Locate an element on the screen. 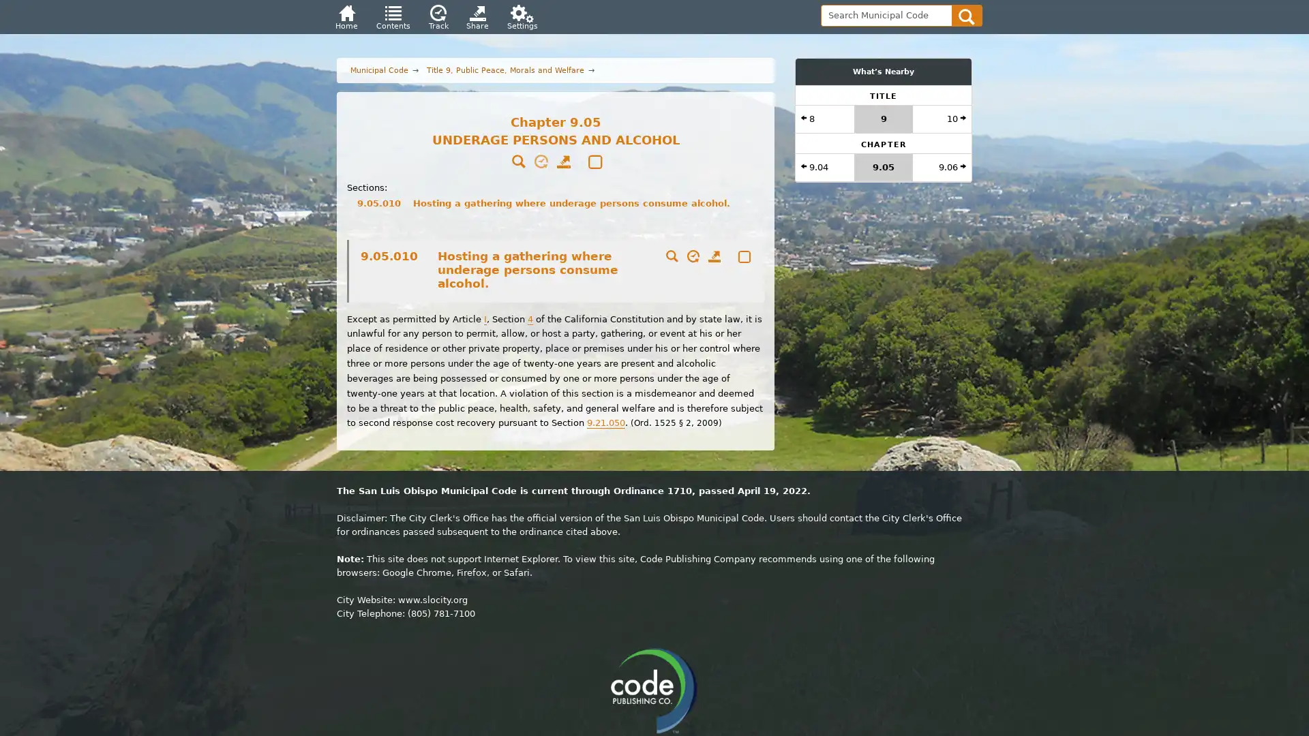  Save, Share, Bookmark or Print is located at coordinates (712, 258).